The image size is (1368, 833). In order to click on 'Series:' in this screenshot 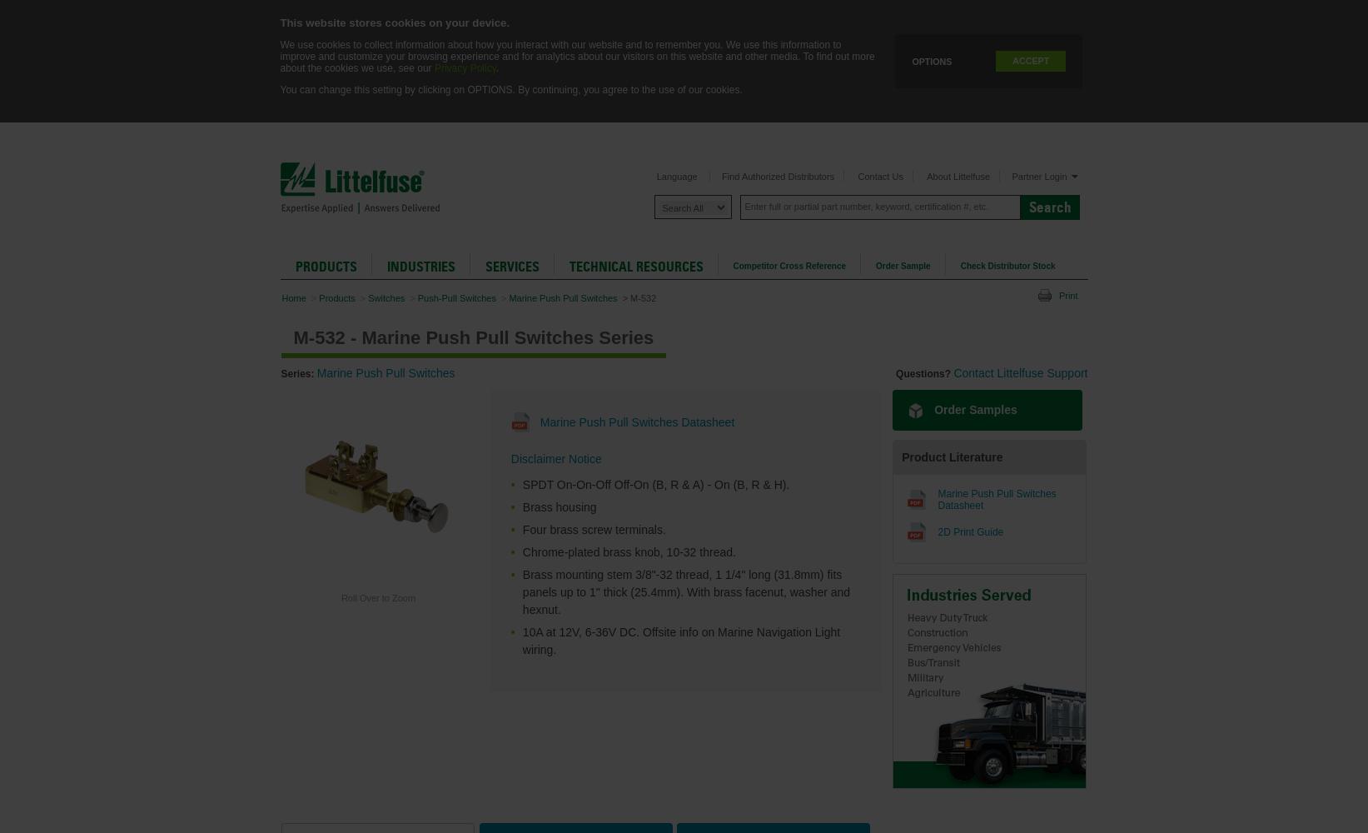, I will do `click(297, 373)`.